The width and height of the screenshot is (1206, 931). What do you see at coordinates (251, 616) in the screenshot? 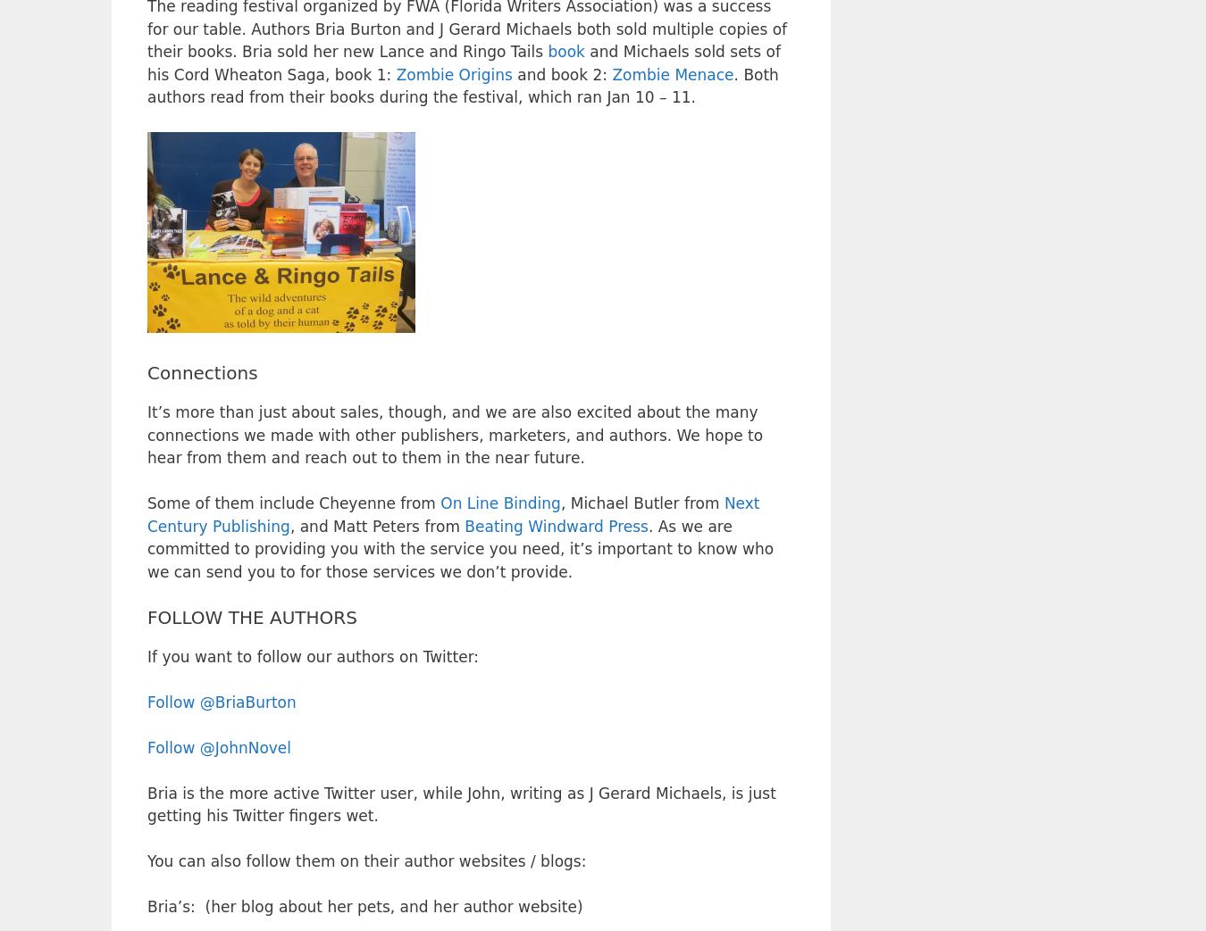
I see `'FOLLOW THE AUTHORS'` at bounding box center [251, 616].